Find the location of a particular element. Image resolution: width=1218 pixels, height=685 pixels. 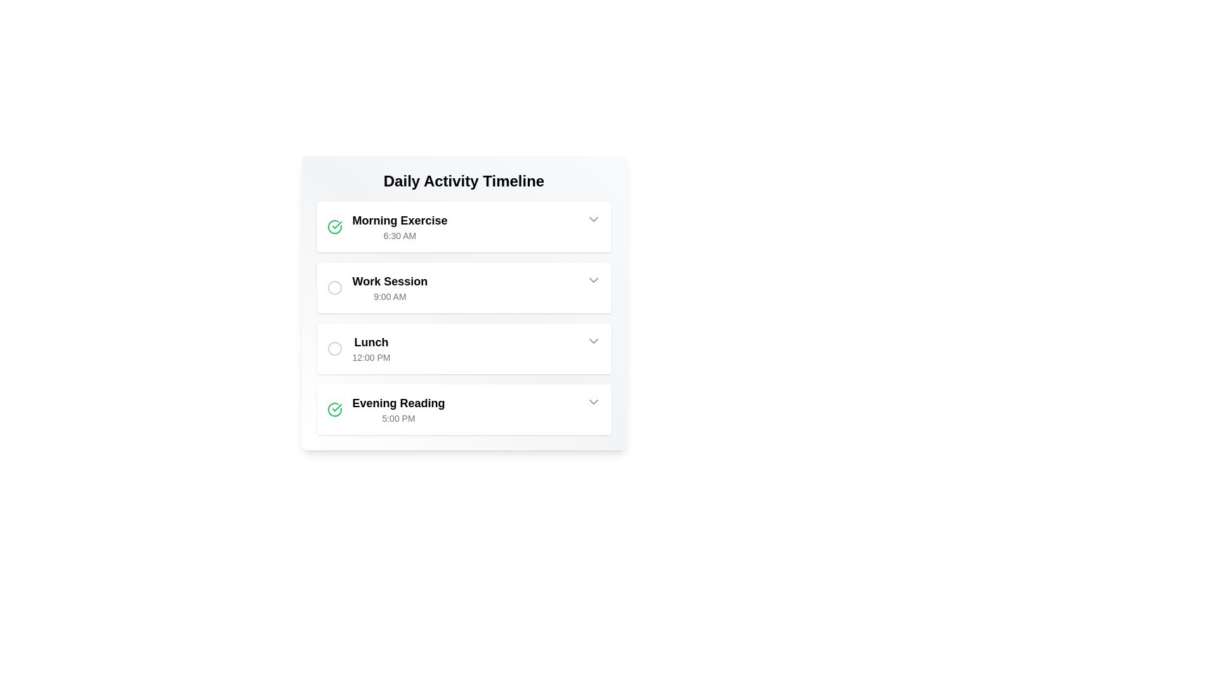

the first item in the 'Daily Activity Timeline', which displays an activity or task with a checkmark icon indicating its completion status is located at coordinates (386, 226).